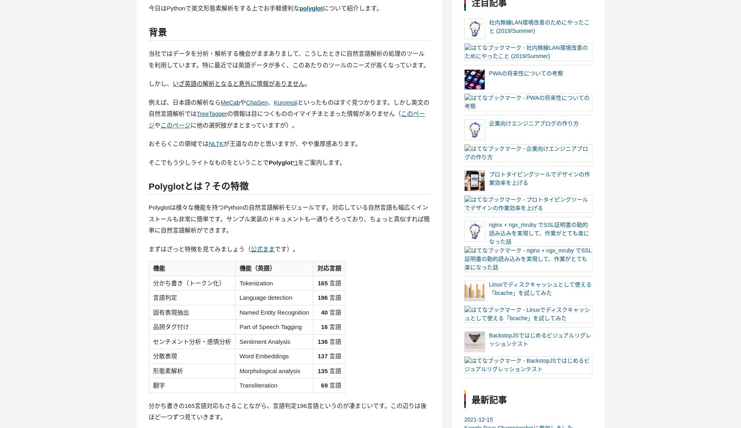 This screenshot has height=428, width=741. I want to click on 'Linuxでディスクキャッシュとして使える「bcache」を試してみた', so click(540, 289).